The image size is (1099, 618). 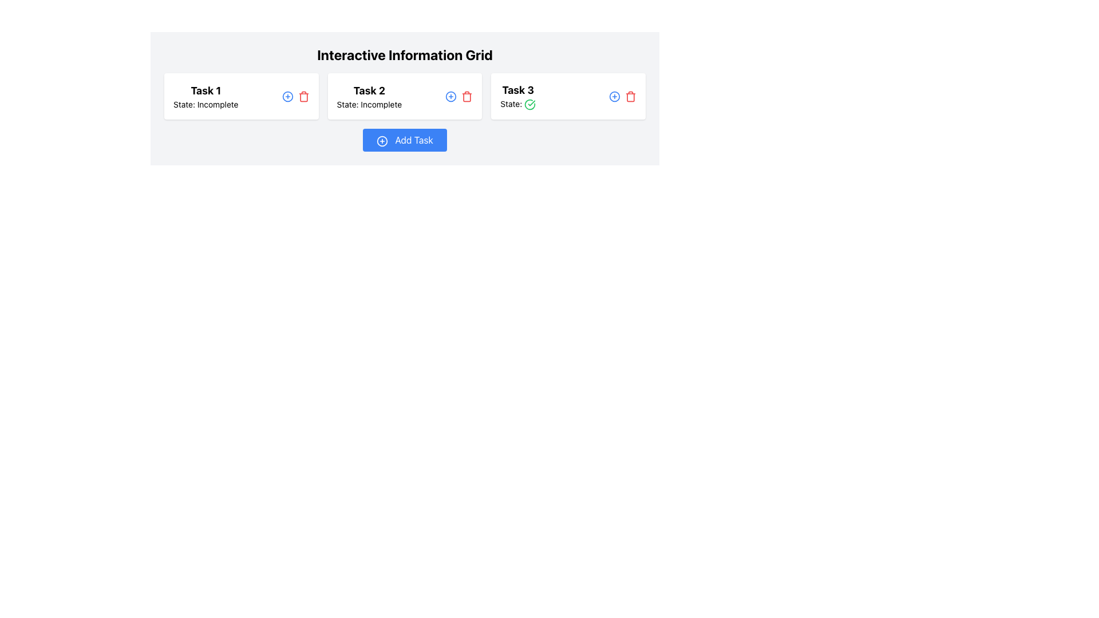 I want to click on the trash bin icon component indicating delete functionality for a tooltip if available, so click(x=467, y=97).